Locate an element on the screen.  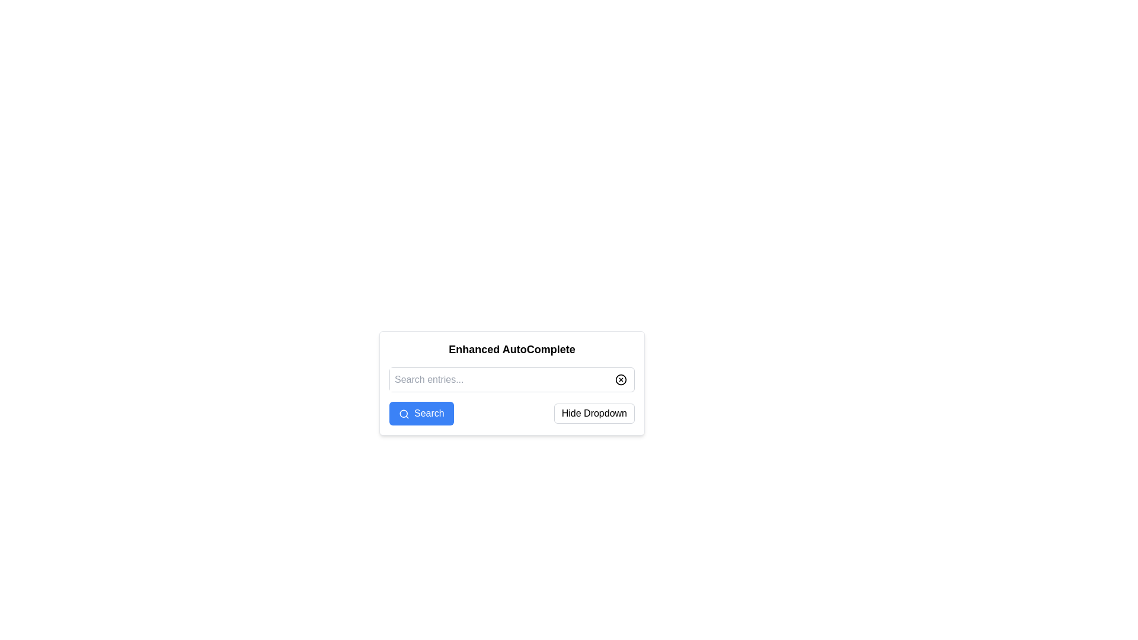
the SVG search icon located is located at coordinates (404, 413).